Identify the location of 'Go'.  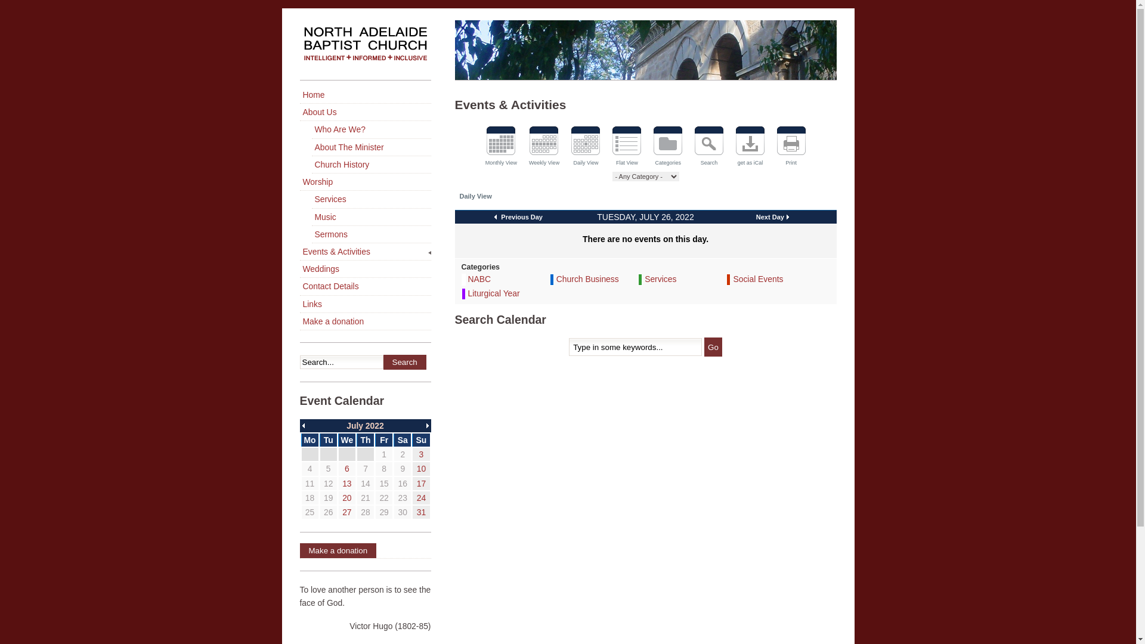
(713, 347).